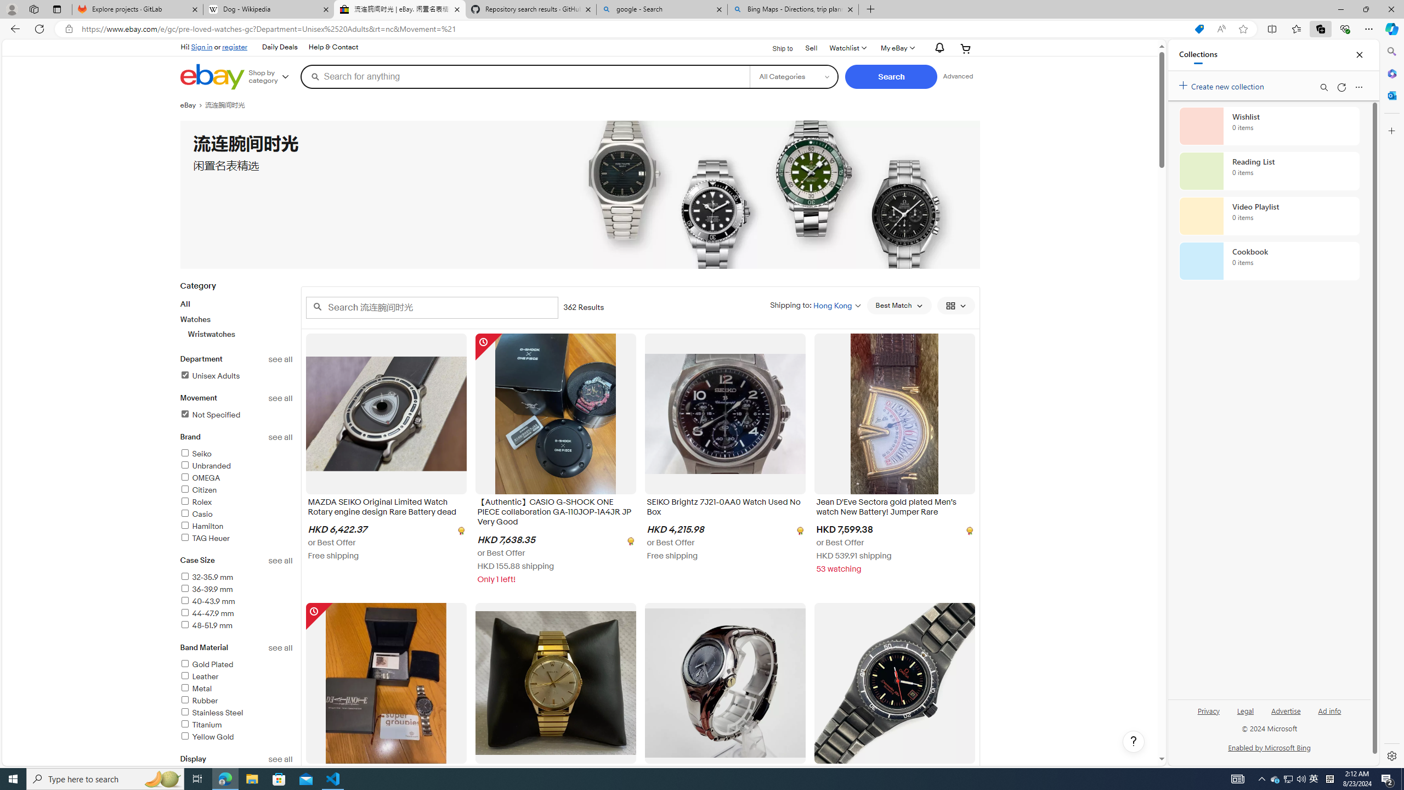 This screenshot has width=1404, height=790. Describe the element at coordinates (333, 48) in the screenshot. I see `'Help & Contact'` at that location.